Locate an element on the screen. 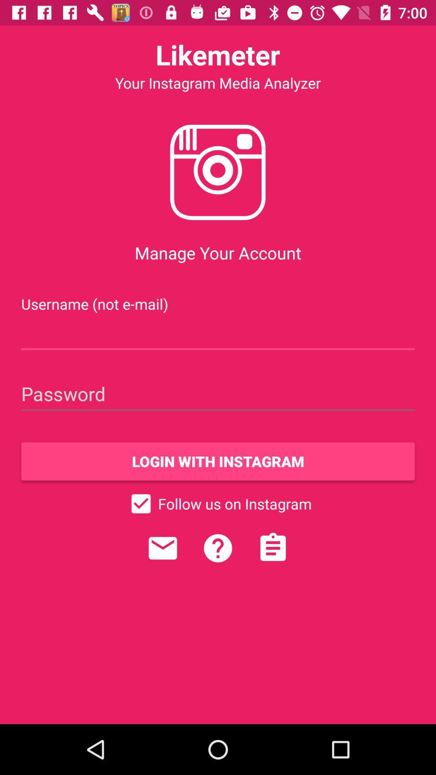 The image size is (436, 775). contact customer service is located at coordinates (163, 548).